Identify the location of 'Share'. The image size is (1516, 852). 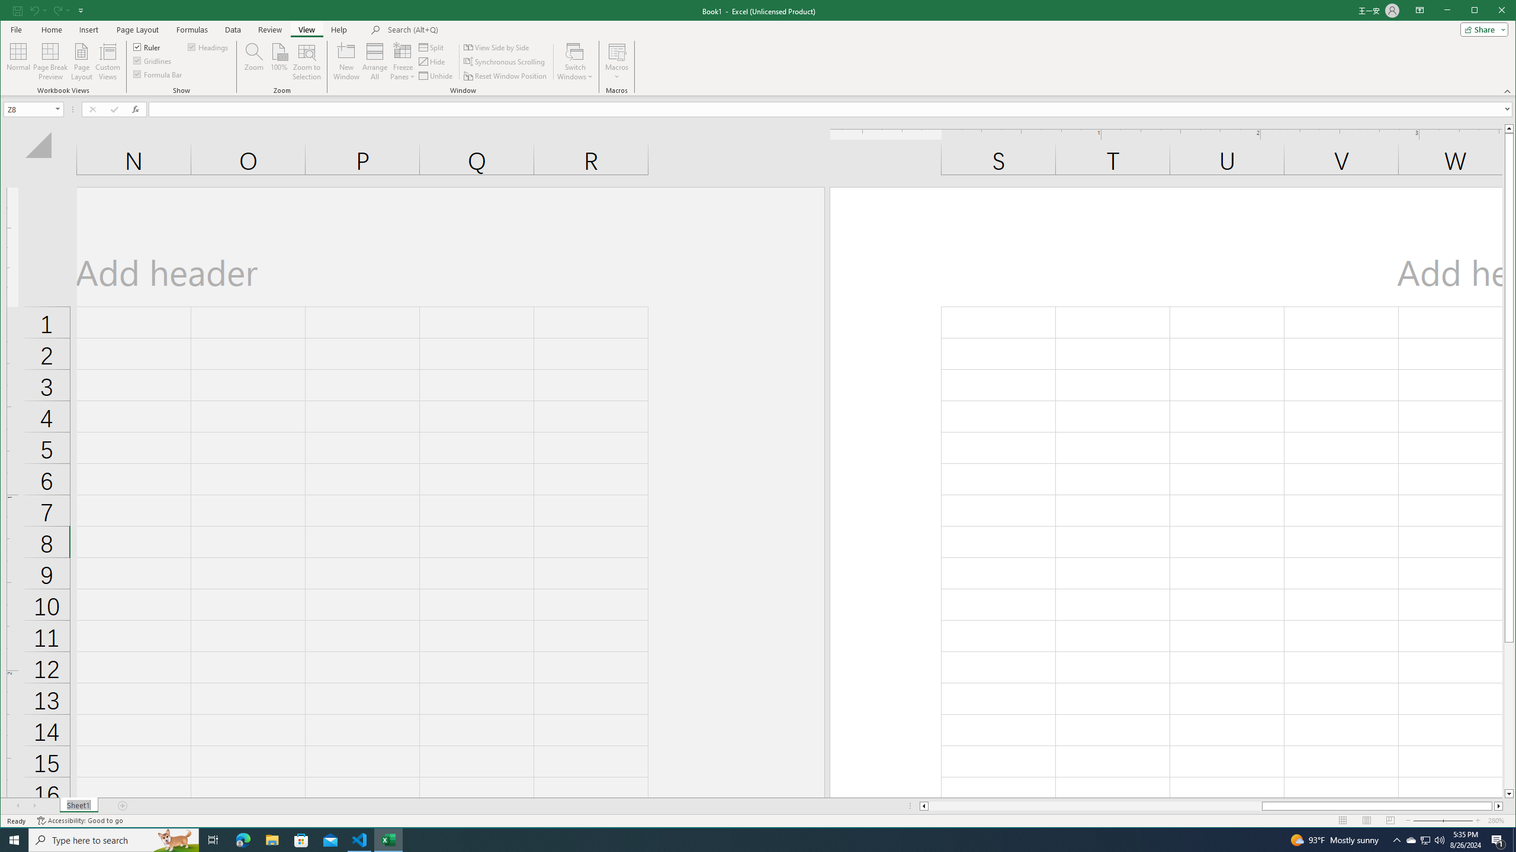
(1482, 29).